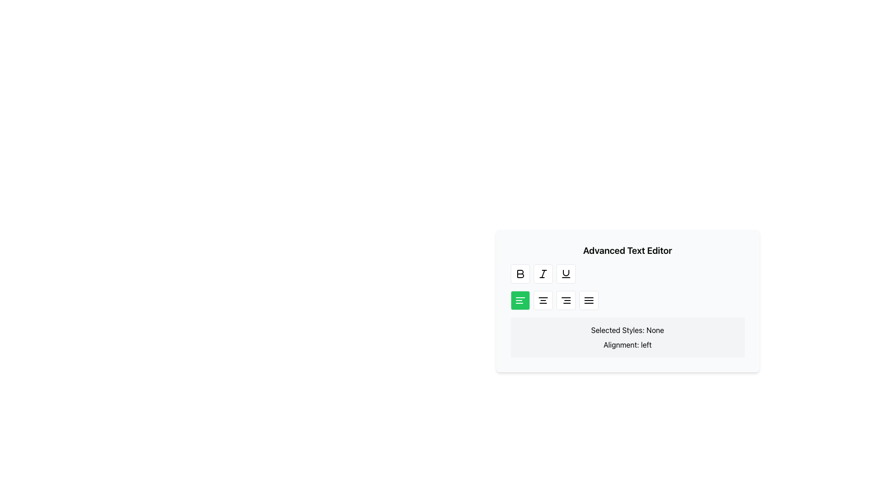 The width and height of the screenshot is (878, 494). Describe the element at coordinates (589, 300) in the screenshot. I see `the rightmost button in the alignment controls group of the 'Advanced Text Editor' to justify text` at that location.